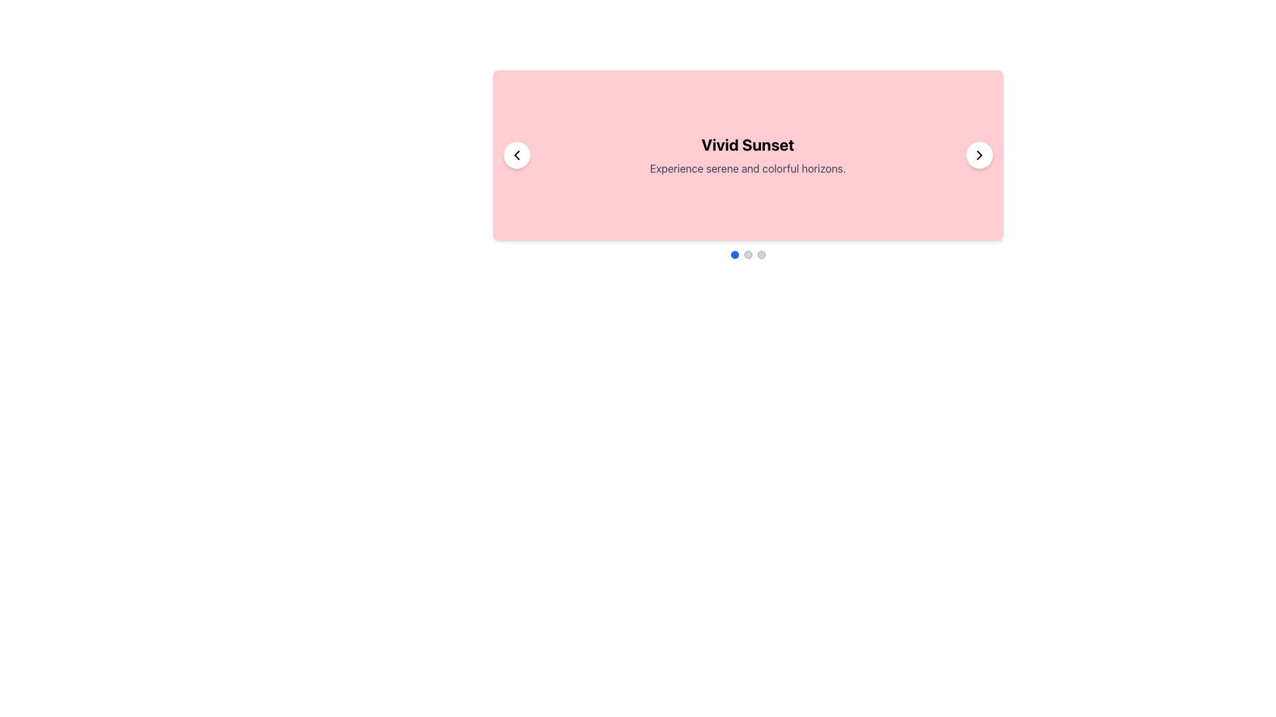  I want to click on the third pagination indicator in the bottom center of the pink card layout titled 'Vivid Sunset', so click(761, 255).